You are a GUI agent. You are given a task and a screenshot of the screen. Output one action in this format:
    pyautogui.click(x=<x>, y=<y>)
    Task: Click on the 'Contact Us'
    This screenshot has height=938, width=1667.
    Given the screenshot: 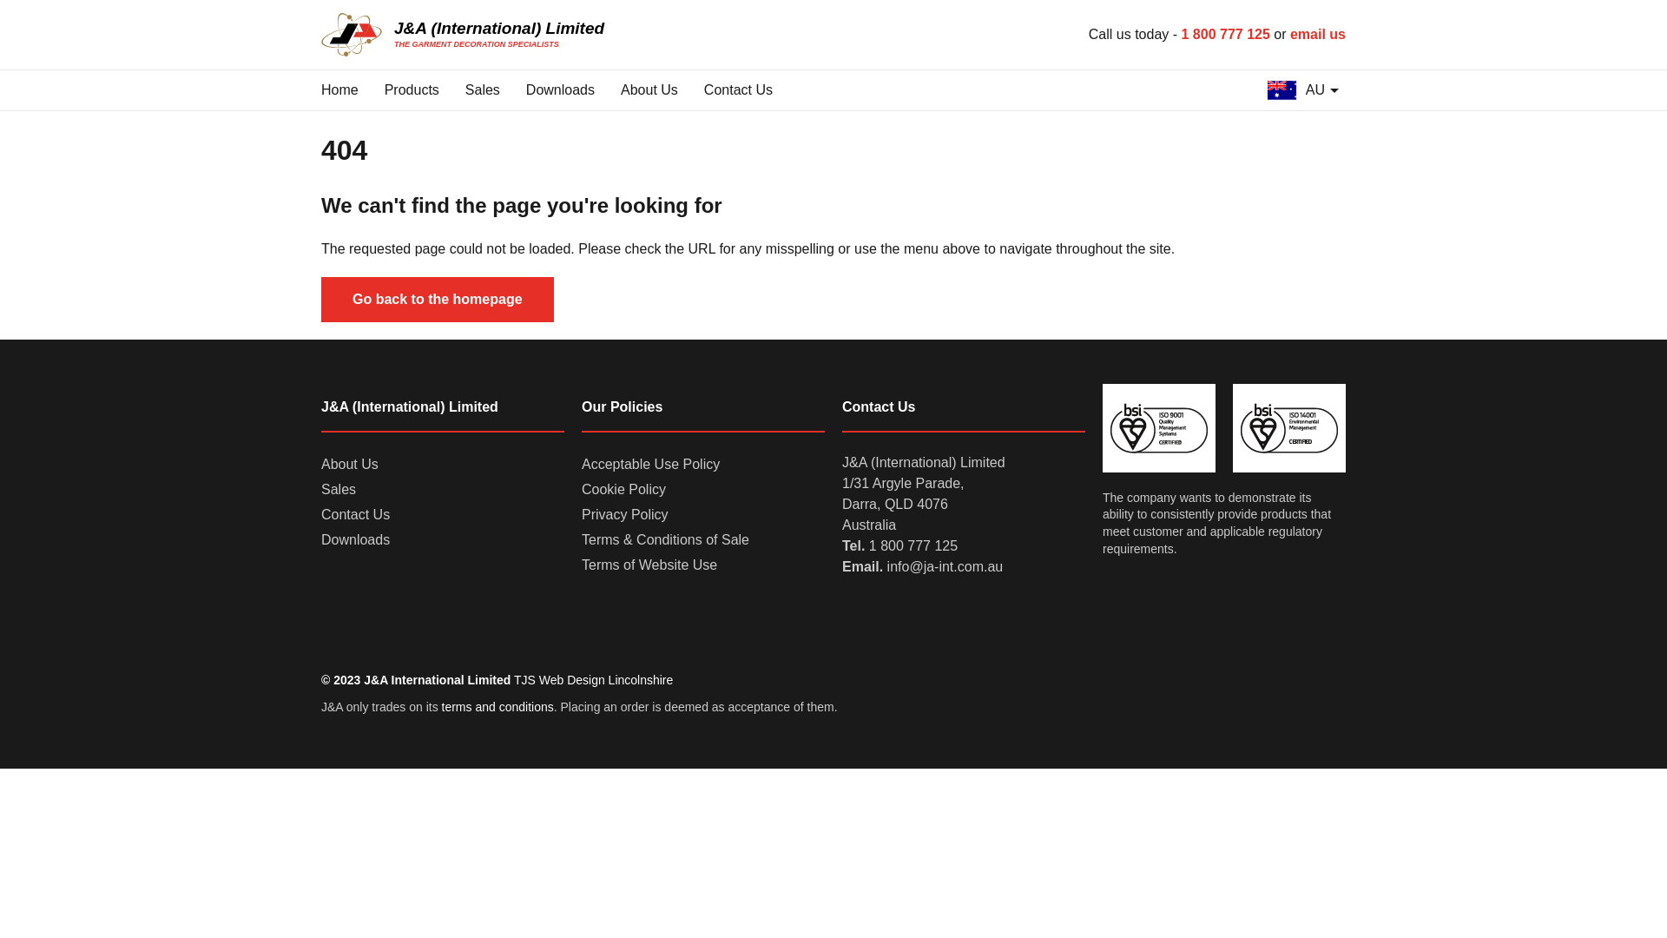 What is the action you would take?
    pyautogui.click(x=354, y=514)
    